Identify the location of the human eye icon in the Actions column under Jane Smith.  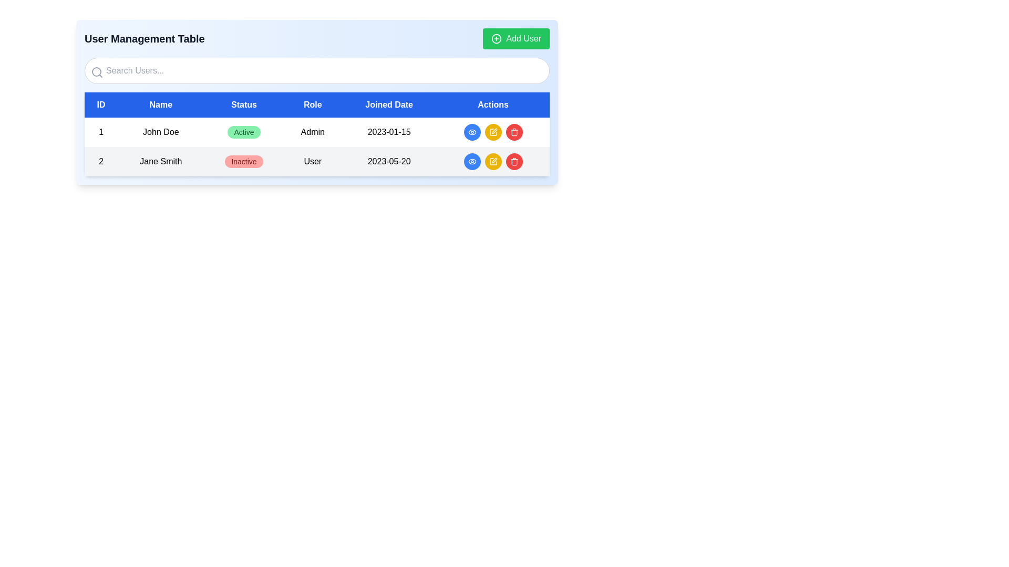
(471, 162).